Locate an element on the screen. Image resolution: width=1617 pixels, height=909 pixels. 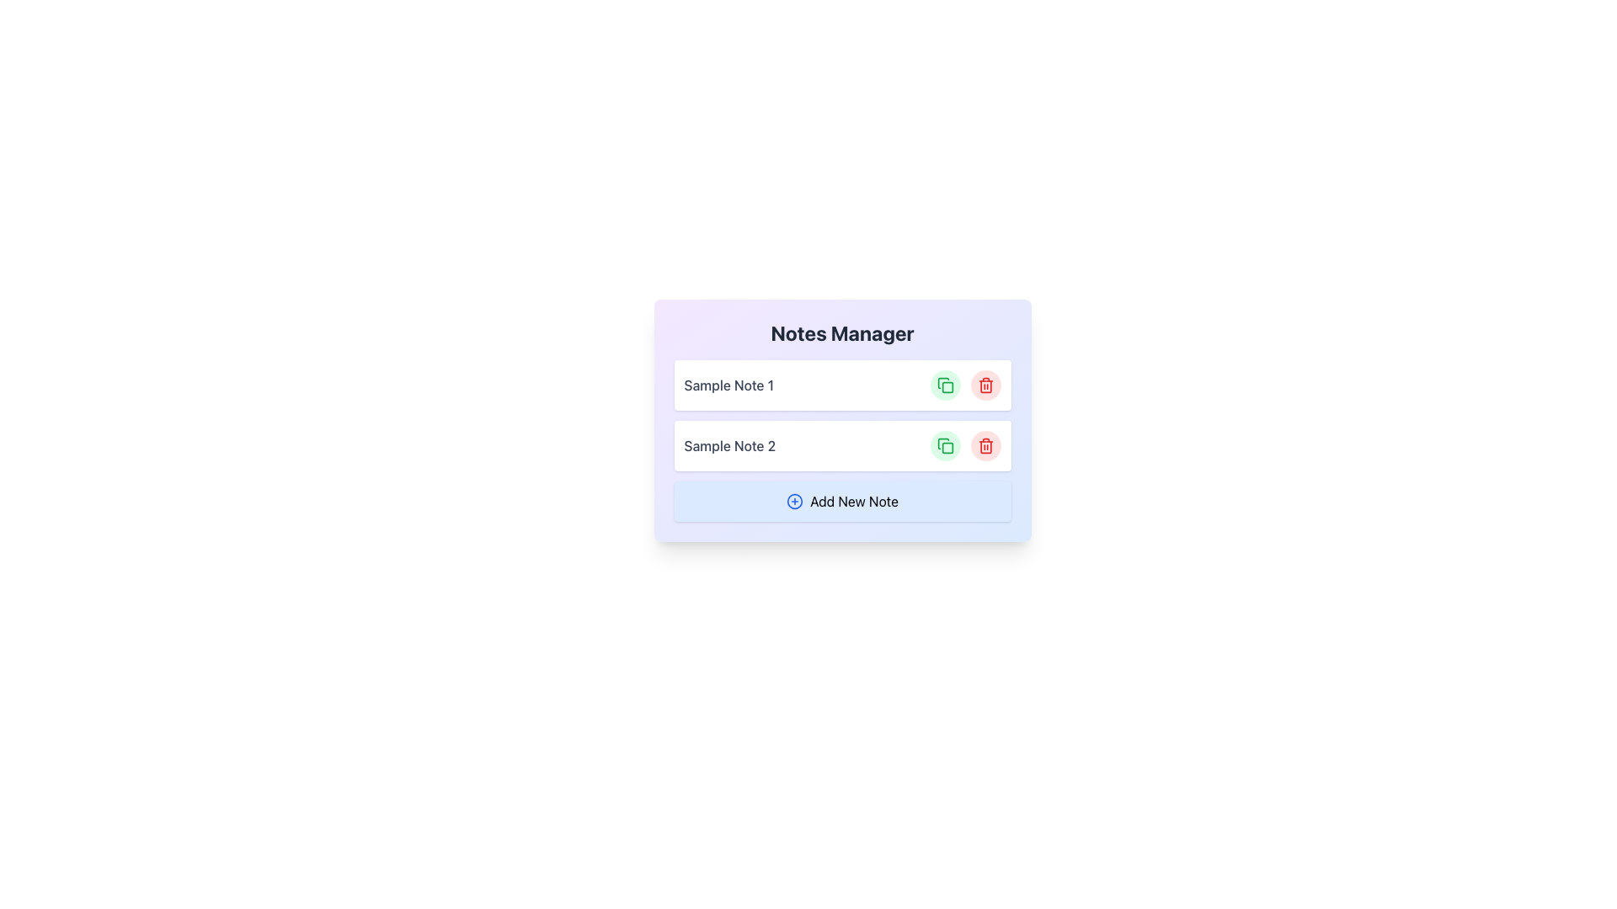
the delete button located to the far right of the action buttons for 'Sample Note 2' is located at coordinates (985, 444).